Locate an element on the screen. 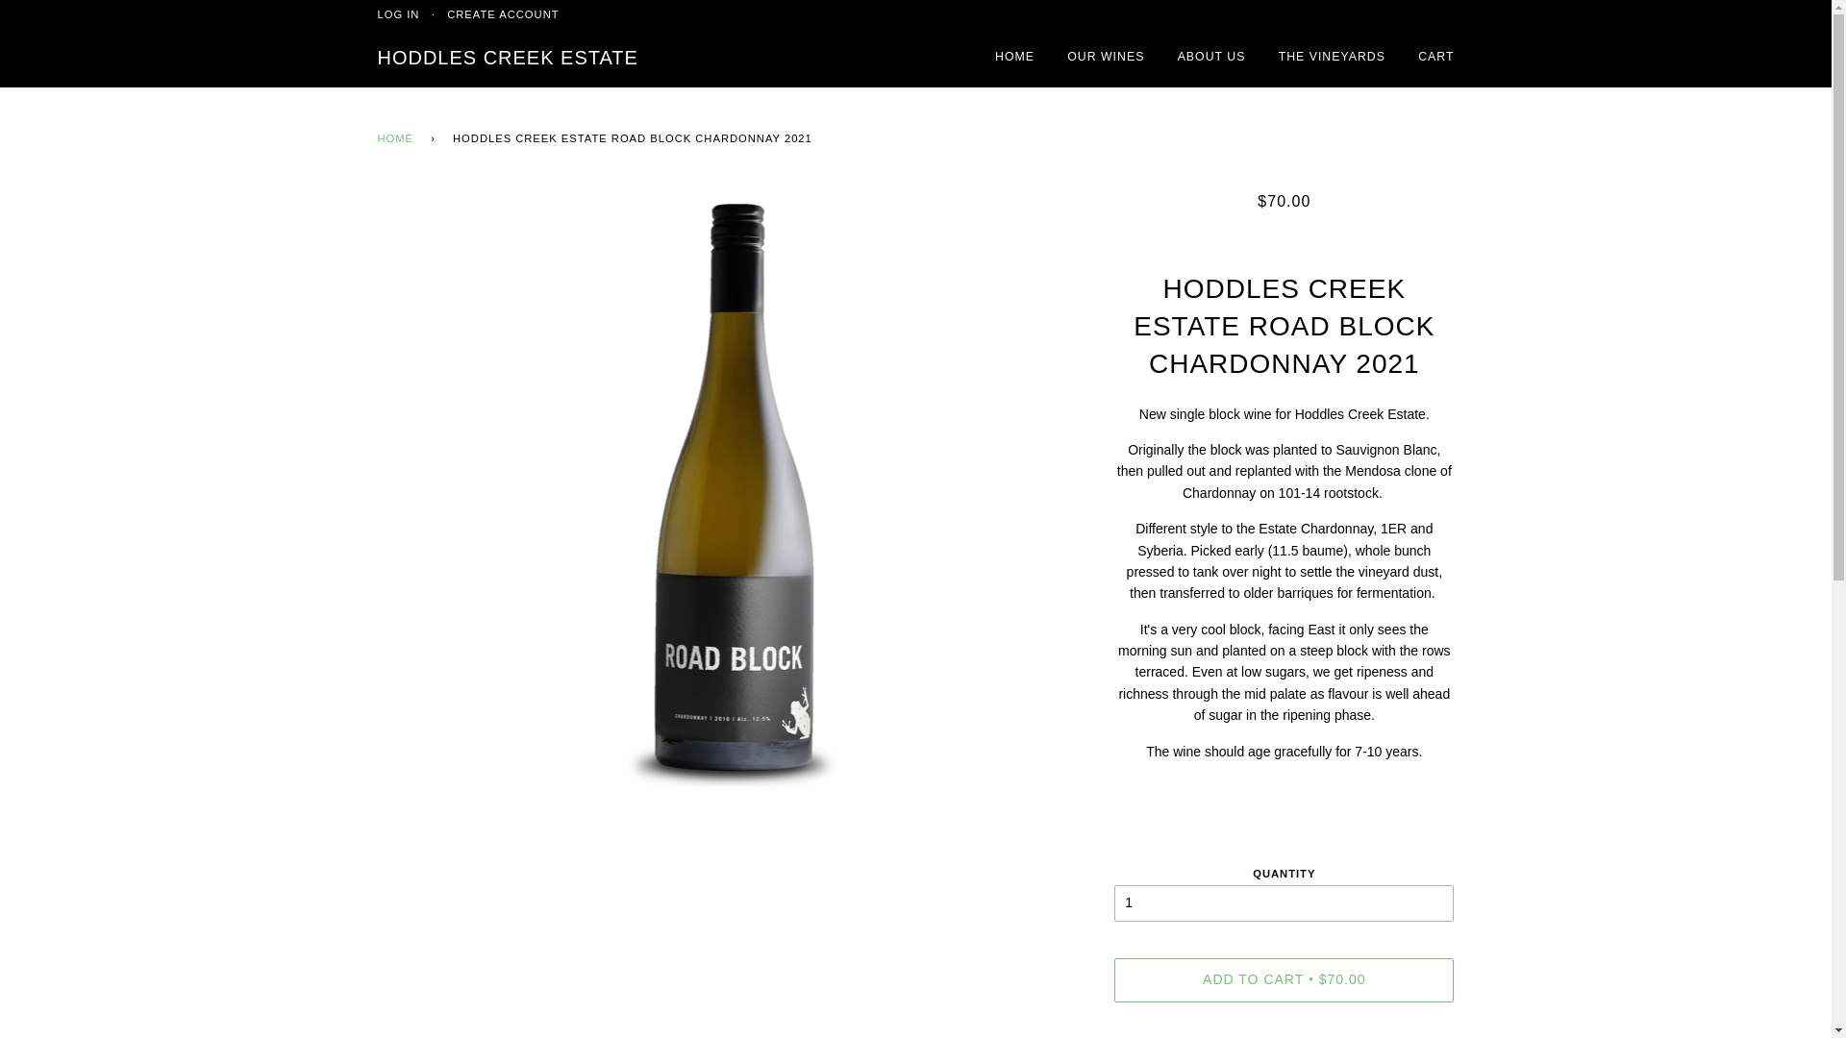 The width and height of the screenshot is (1846, 1038). 'HOME' is located at coordinates (1013, 57).